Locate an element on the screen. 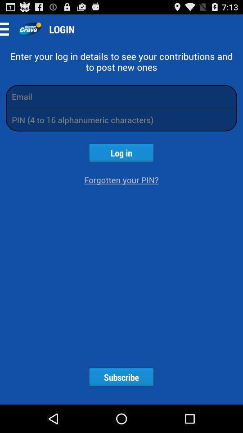  the subscribe app is located at coordinates (121, 377).